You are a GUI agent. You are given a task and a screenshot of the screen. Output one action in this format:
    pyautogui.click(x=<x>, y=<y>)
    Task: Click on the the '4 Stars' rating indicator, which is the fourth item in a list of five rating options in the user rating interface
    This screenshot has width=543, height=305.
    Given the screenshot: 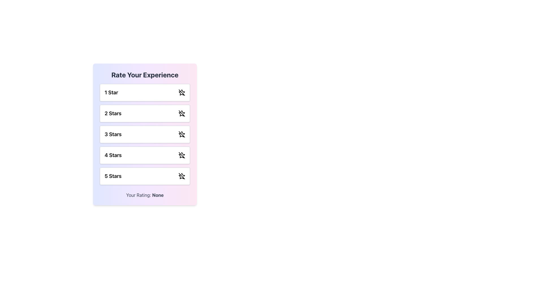 What is the action you would take?
    pyautogui.click(x=113, y=155)
    